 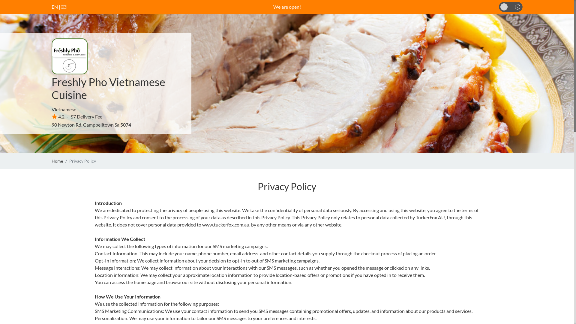 I want to click on '4.2', so click(x=58, y=116).